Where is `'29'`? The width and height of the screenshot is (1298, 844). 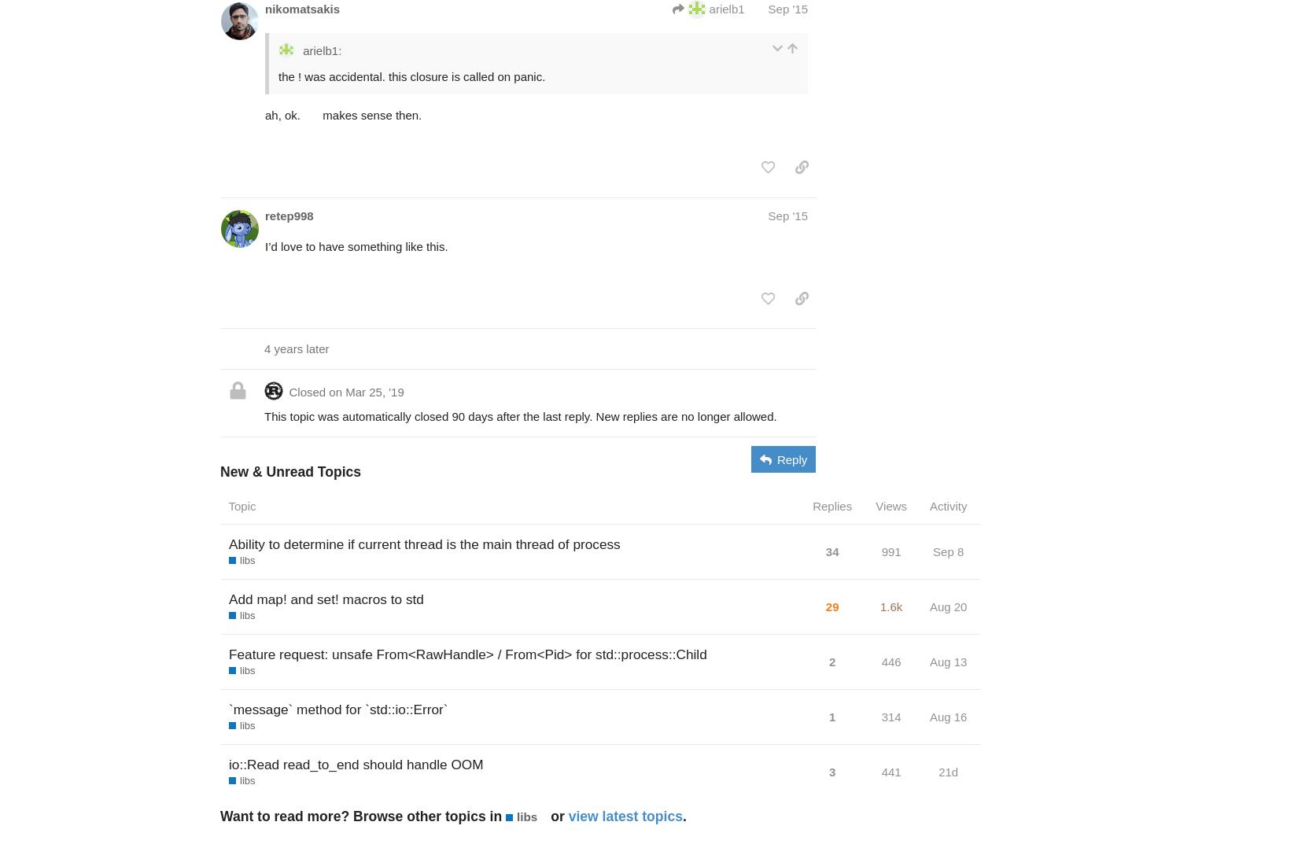 '29' is located at coordinates (825, 605).